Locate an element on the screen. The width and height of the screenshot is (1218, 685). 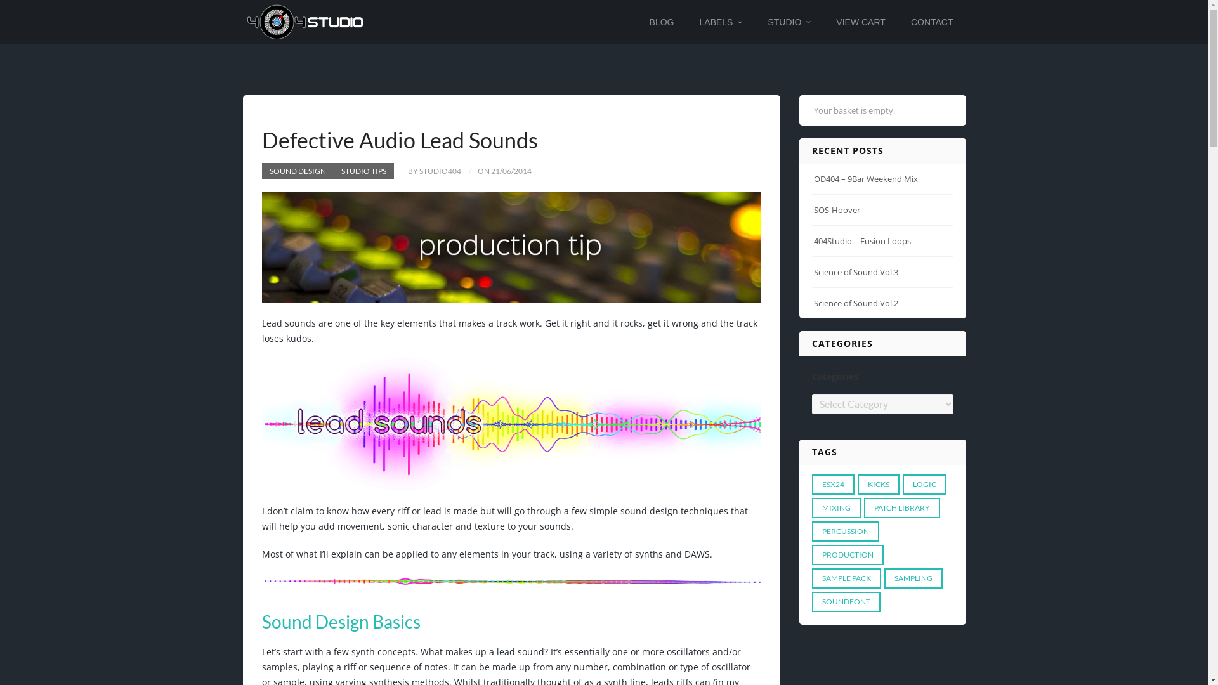
'SAMPLING' is located at coordinates (913, 578).